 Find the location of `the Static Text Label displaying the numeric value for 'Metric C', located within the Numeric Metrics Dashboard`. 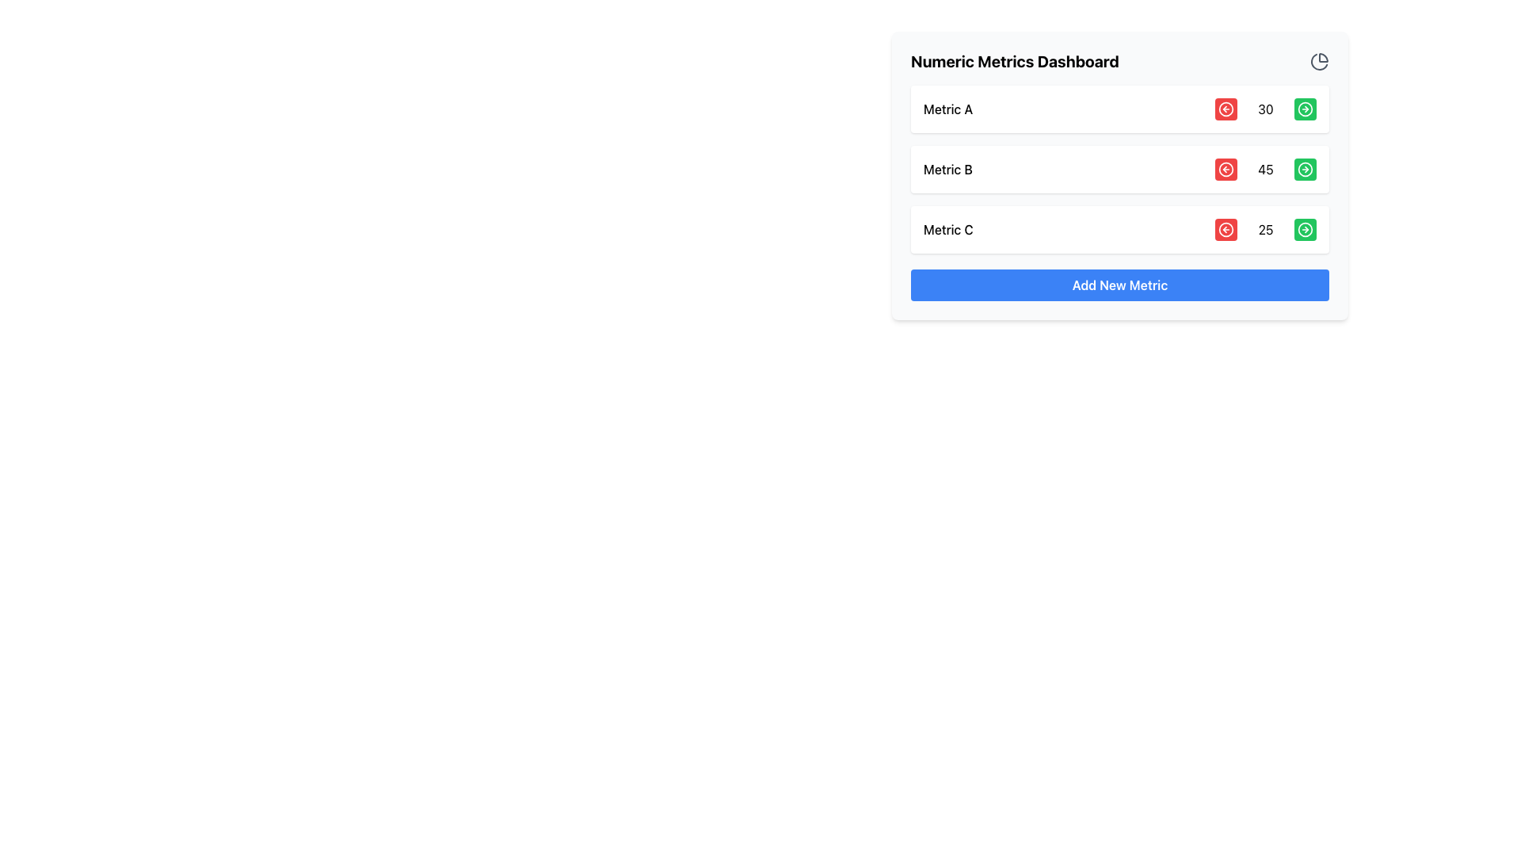

the Static Text Label displaying the numeric value for 'Metric C', located within the Numeric Metrics Dashboard is located at coordinates (1265, 229).